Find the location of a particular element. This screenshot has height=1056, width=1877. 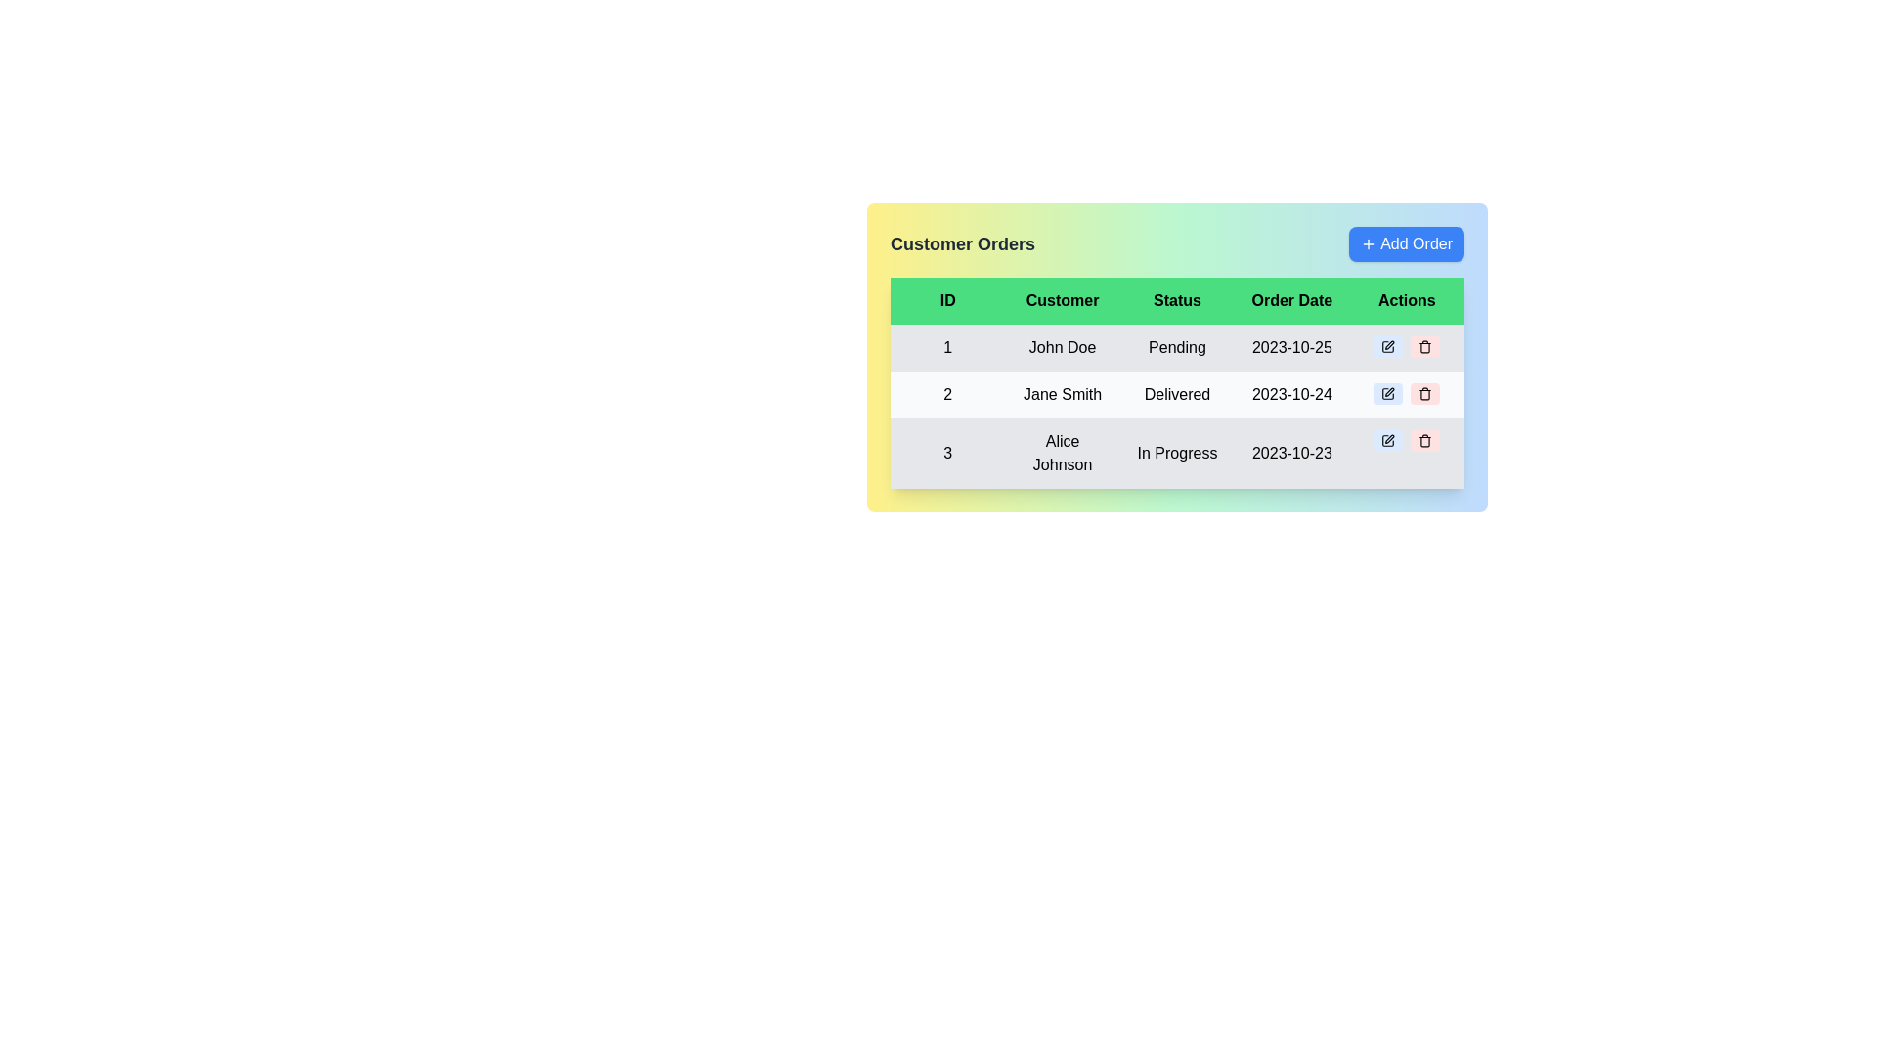

the edit icon (pen) located in the Actions column of the table for the first row corresponding to 'John Doe' is located at coordinates (1387, 345).